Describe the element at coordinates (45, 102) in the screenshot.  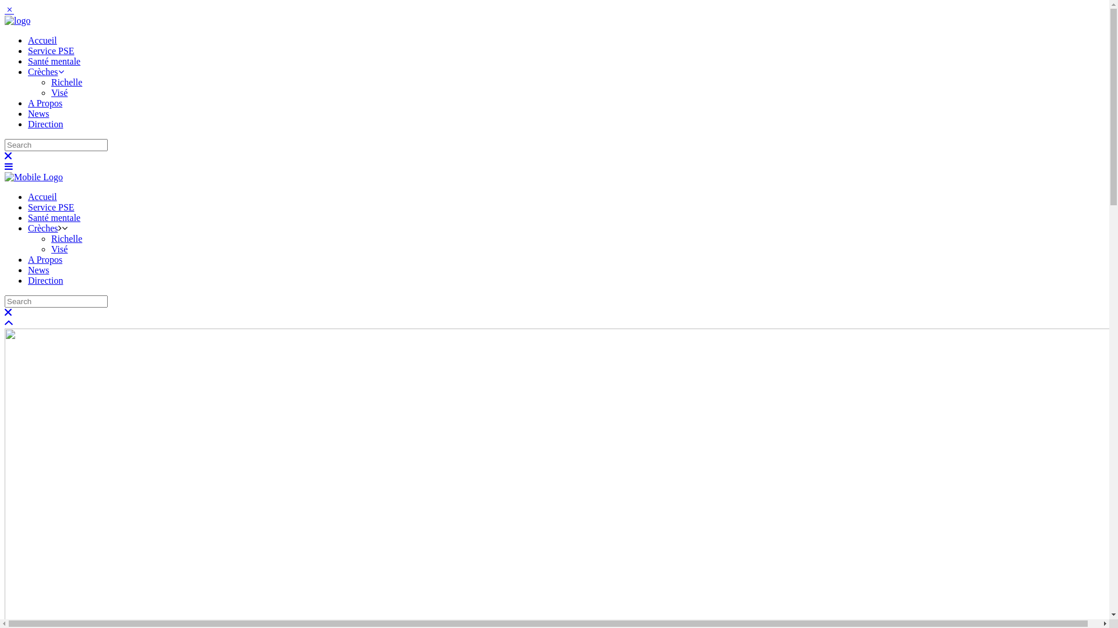
I see `'A Propos'` at that location.